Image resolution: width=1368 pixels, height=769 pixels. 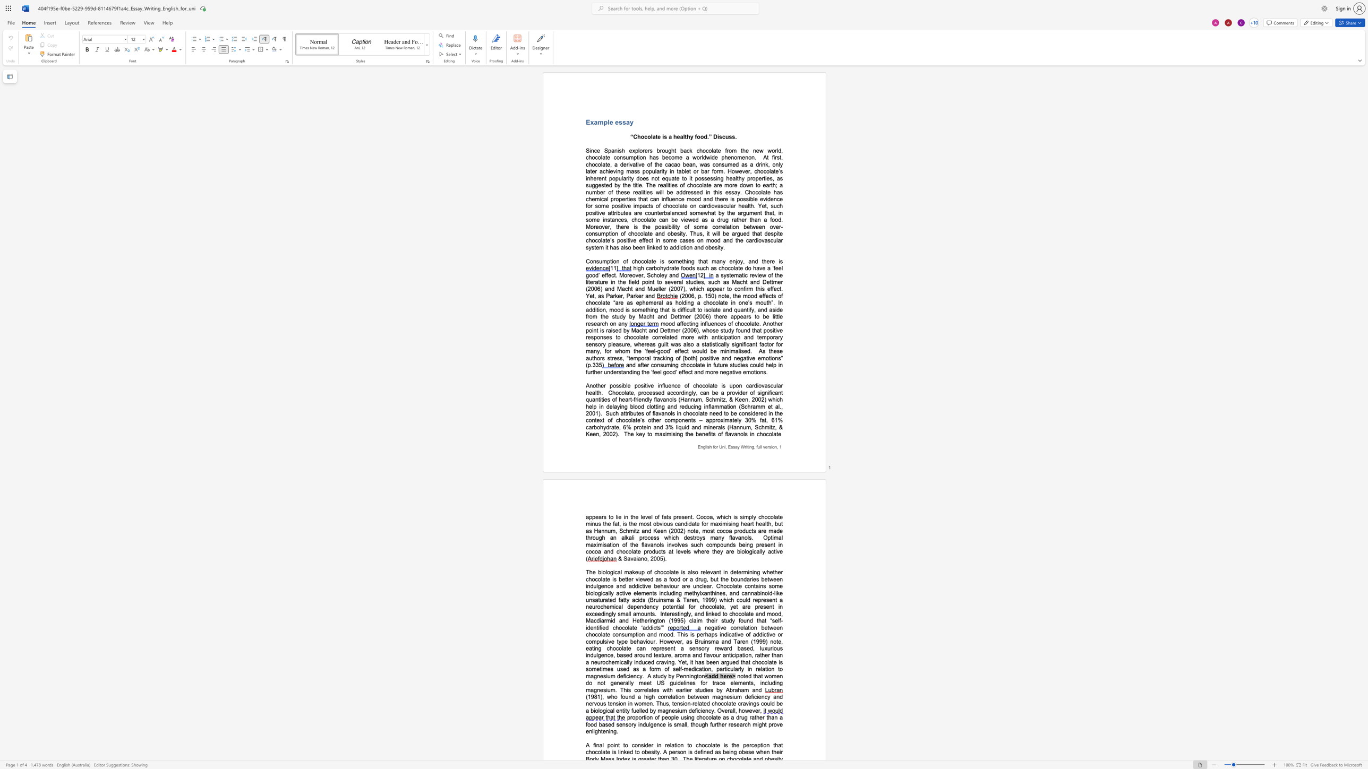 I want to click on the space between the continuous character "m" and "i" in the text, so click(x=768, y=427).